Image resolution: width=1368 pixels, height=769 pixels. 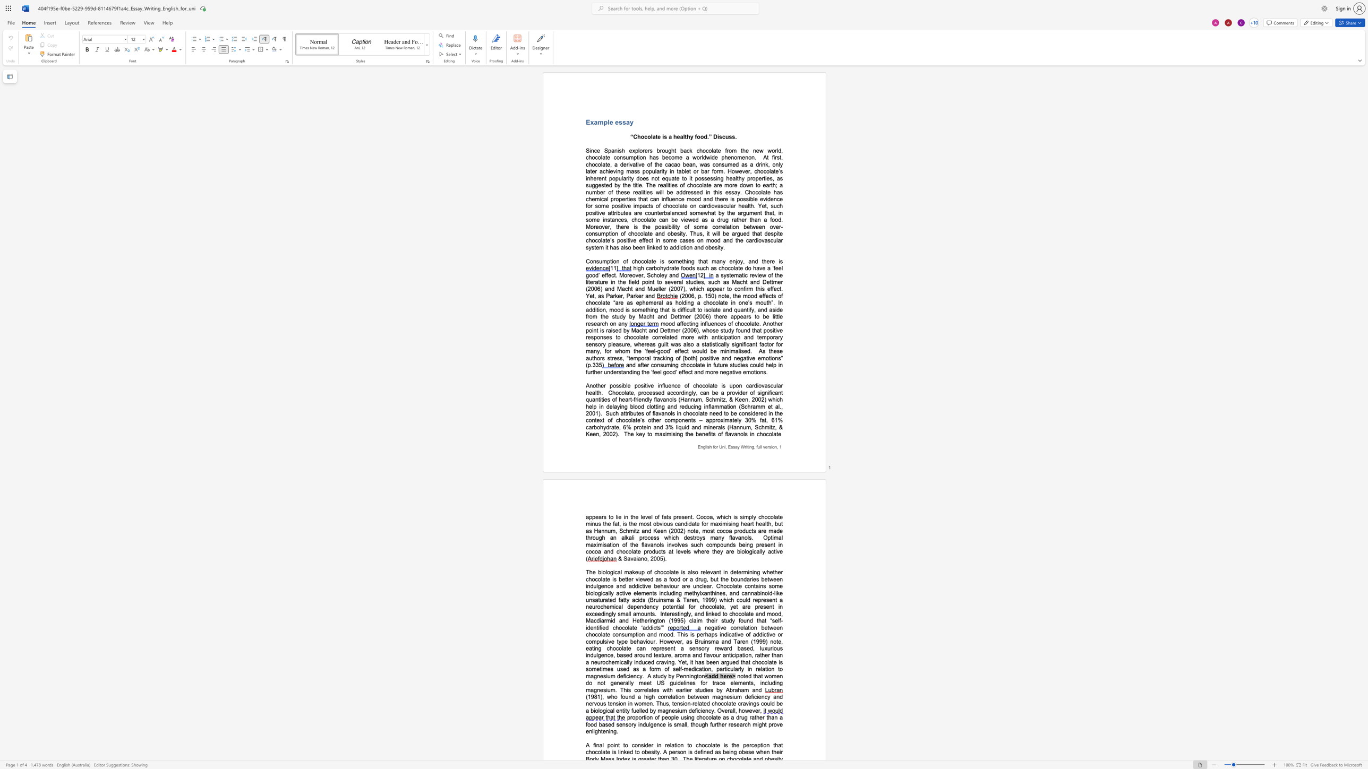 I want to click on the space between the continuous character "m" and "i" in the text, so click(x=768, y=427).